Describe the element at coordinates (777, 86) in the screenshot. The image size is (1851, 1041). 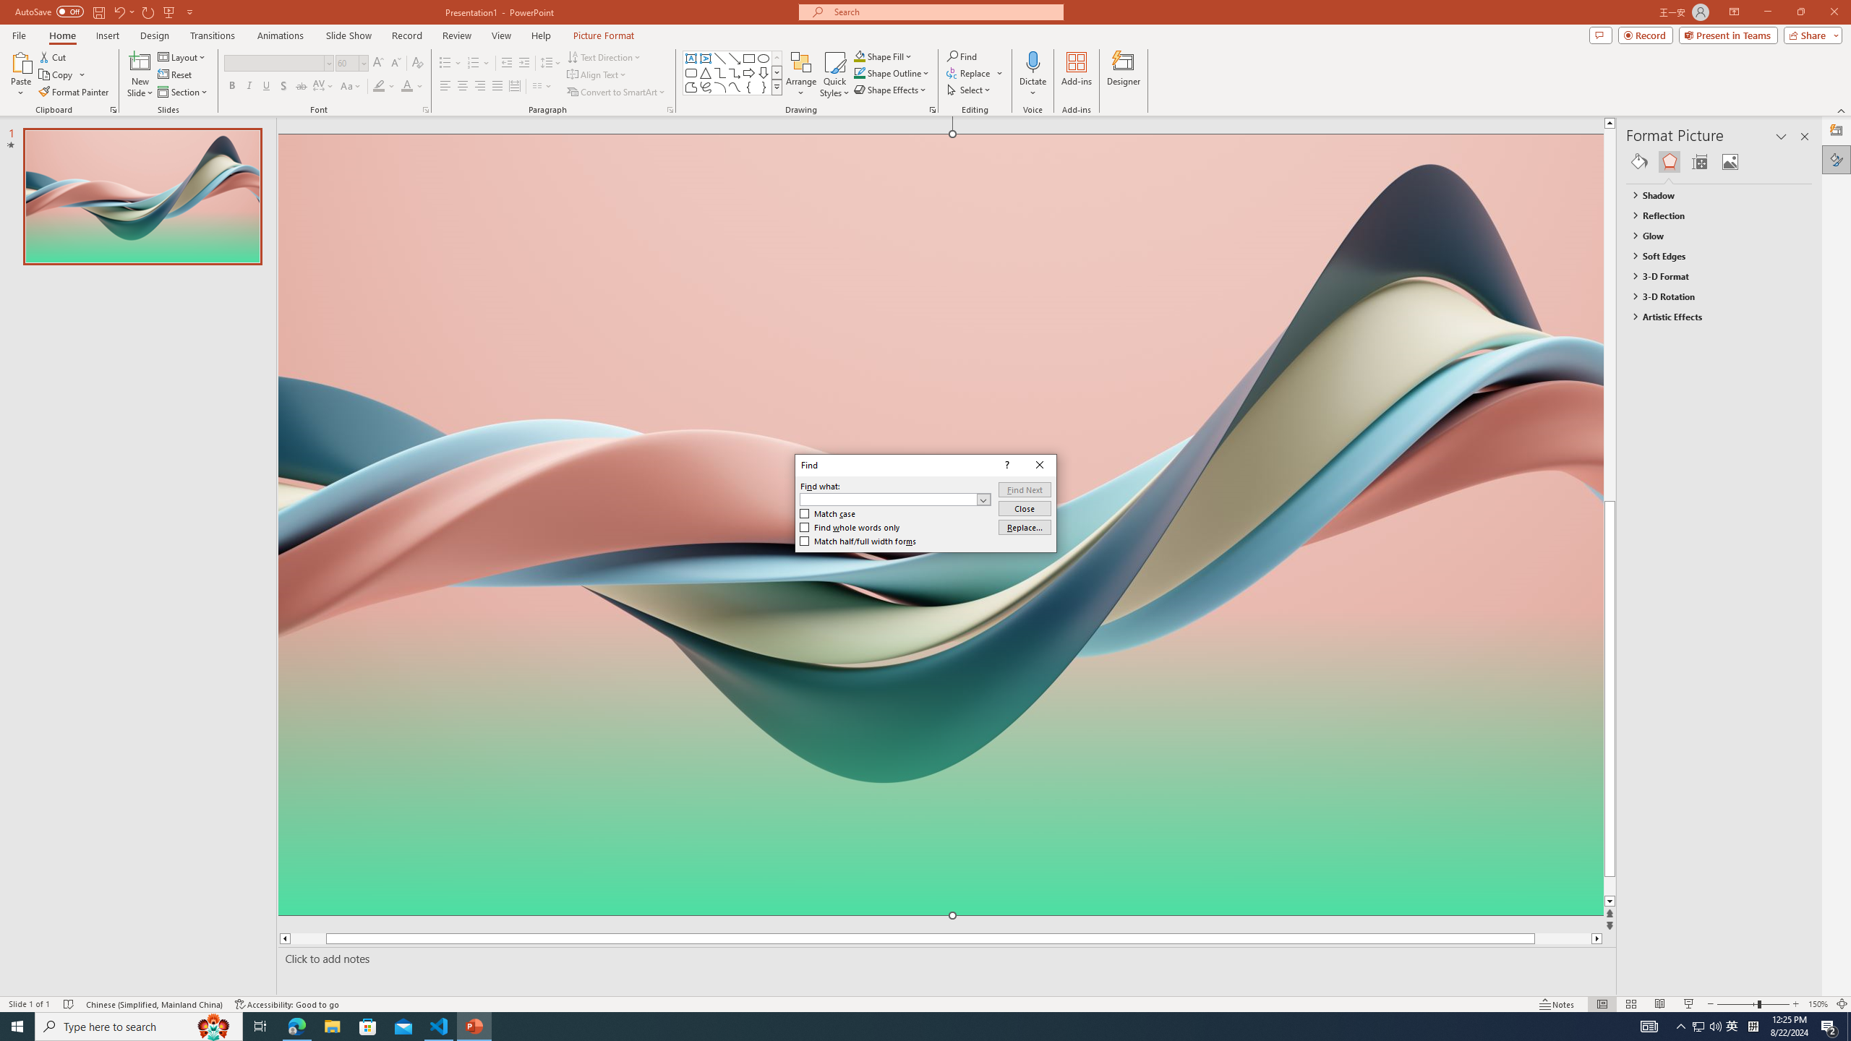
I see `'Shapes'` at that location.